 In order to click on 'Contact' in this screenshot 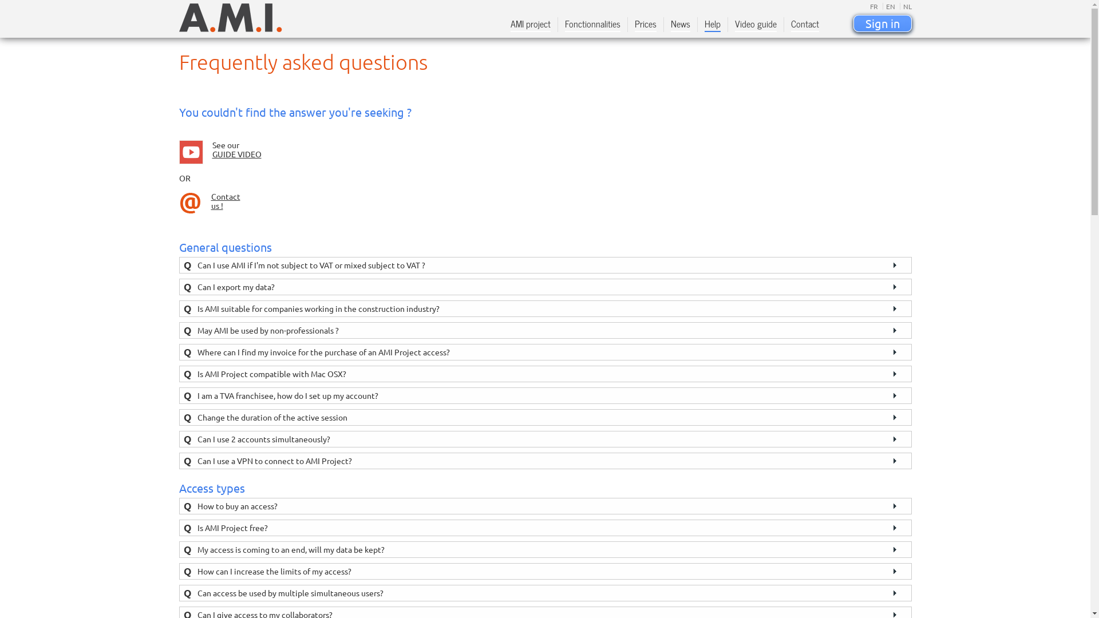, I will do `click(790, 25)`.